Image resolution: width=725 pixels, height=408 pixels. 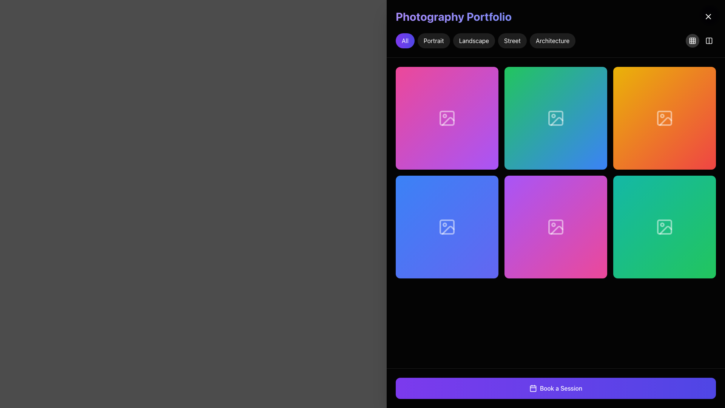 I want to click on the visual tile component with a gradient background transitioning from green to blue, which features a camera icon in its center, so click(x=556, y=118).